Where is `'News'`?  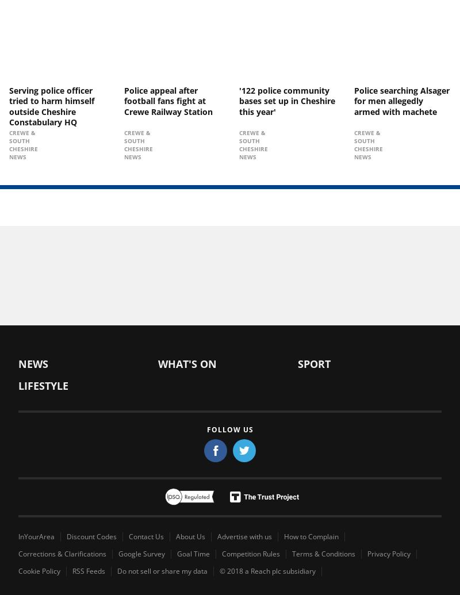 'News' is located at coordinates (18, 363).